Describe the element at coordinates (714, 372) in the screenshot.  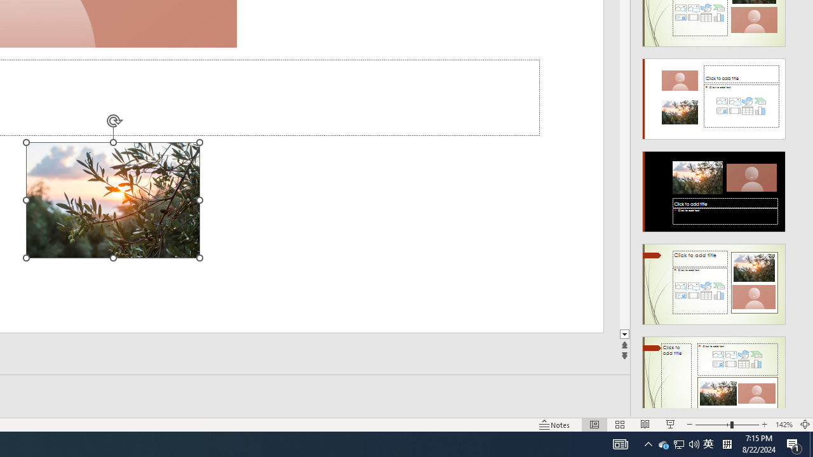
I see `'Design Idea'` at that location.